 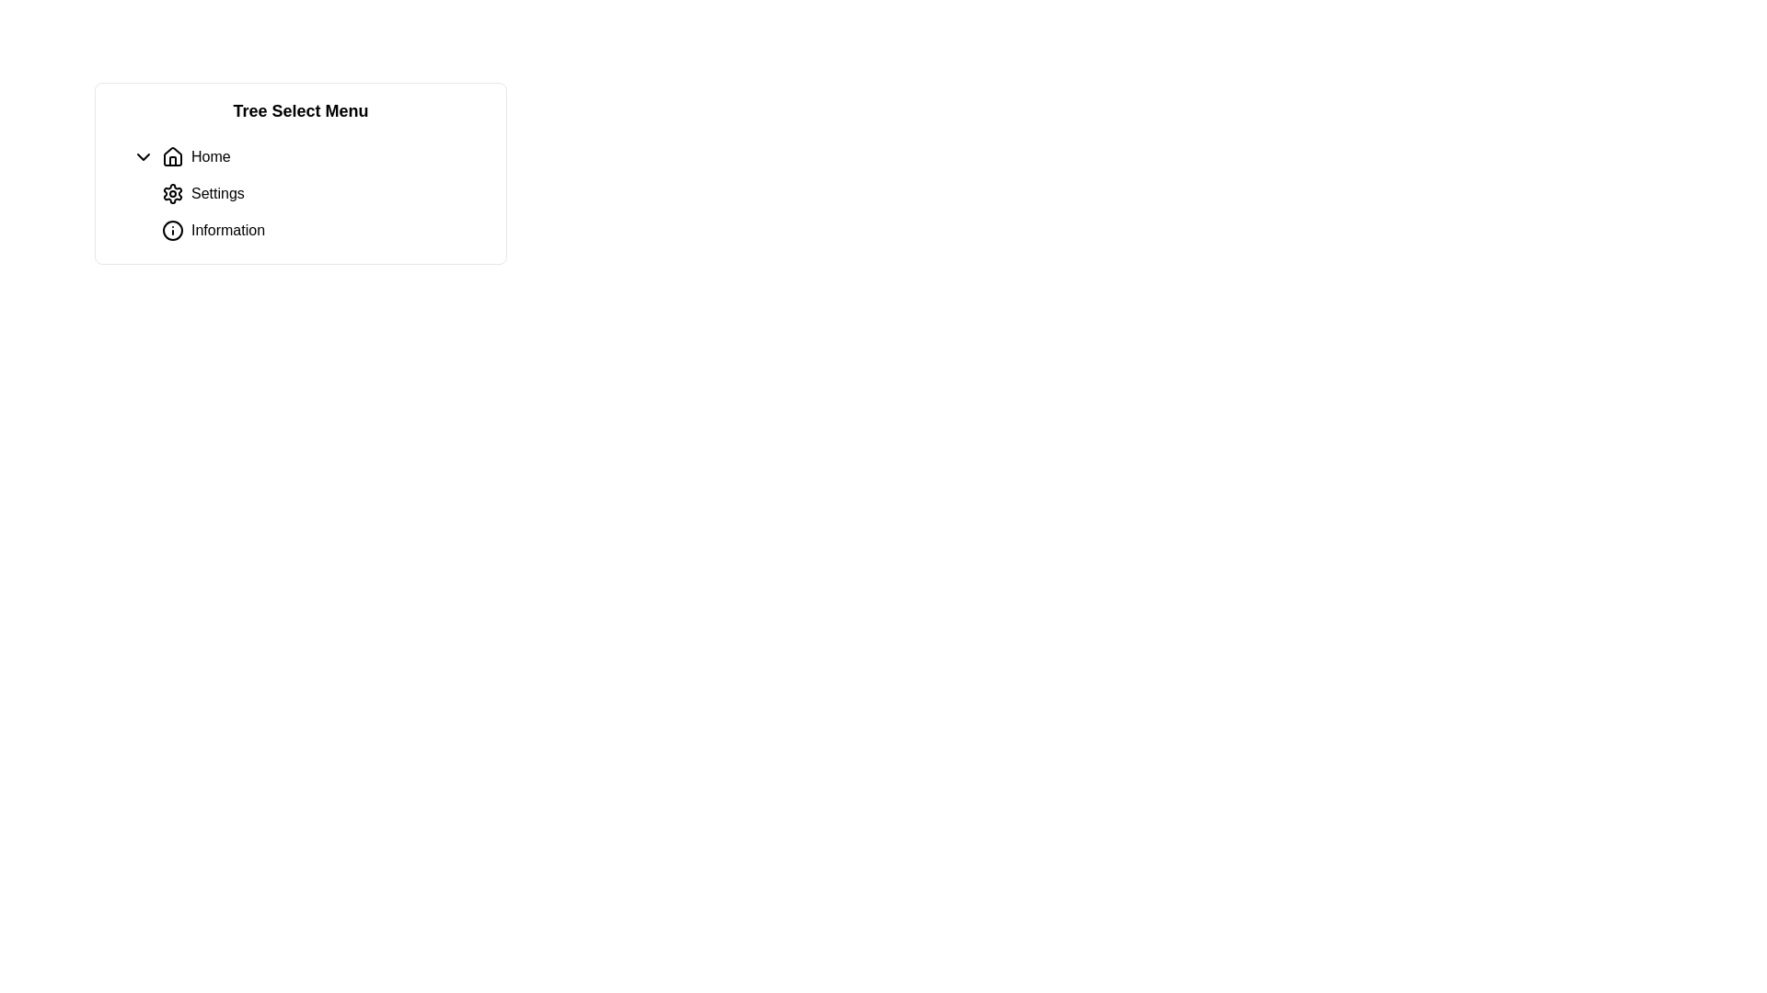 I want to click on the 'Settings' icon in the tree select menu using tab navigation to focus on its functionalities, so click(x=172, y=194).